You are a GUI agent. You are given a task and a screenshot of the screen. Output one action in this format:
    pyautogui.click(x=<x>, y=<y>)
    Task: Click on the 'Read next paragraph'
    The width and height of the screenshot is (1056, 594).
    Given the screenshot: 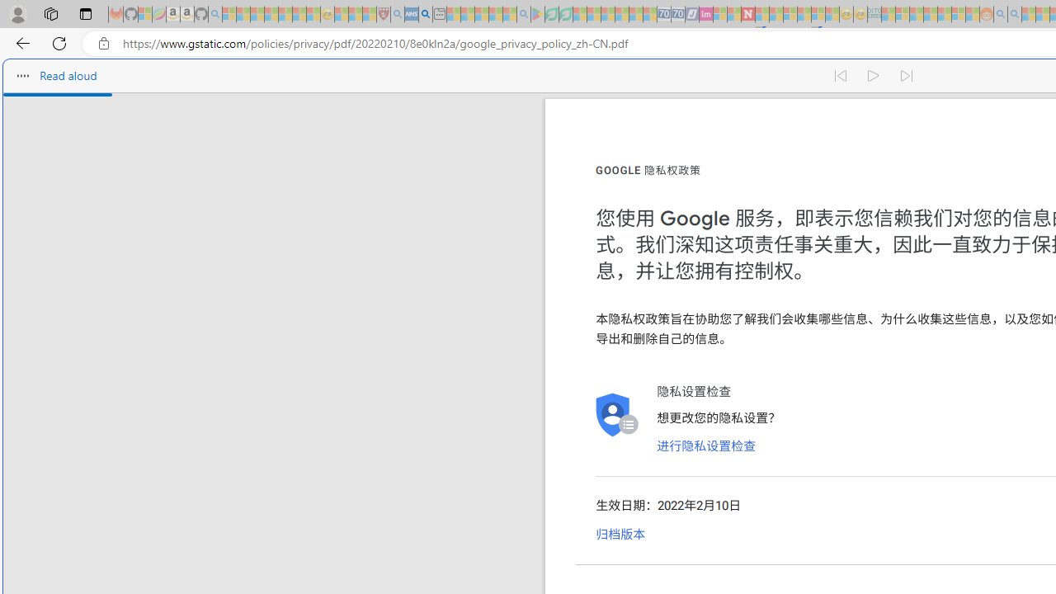 What is the action you would take?
    pyautogui.click(x=906, y=76)
    